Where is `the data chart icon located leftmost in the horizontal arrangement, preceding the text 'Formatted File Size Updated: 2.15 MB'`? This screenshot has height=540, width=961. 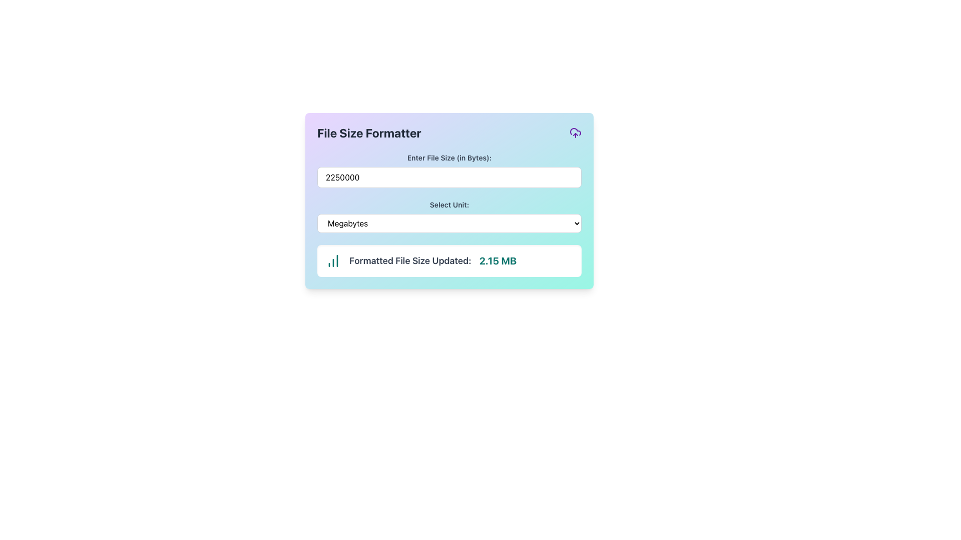
the data chart icon located leftmost in the horizontal arrangement, preceding the text 'Formatted File Size Updated: 2.15 MB' is located at coordinates (333, 260).